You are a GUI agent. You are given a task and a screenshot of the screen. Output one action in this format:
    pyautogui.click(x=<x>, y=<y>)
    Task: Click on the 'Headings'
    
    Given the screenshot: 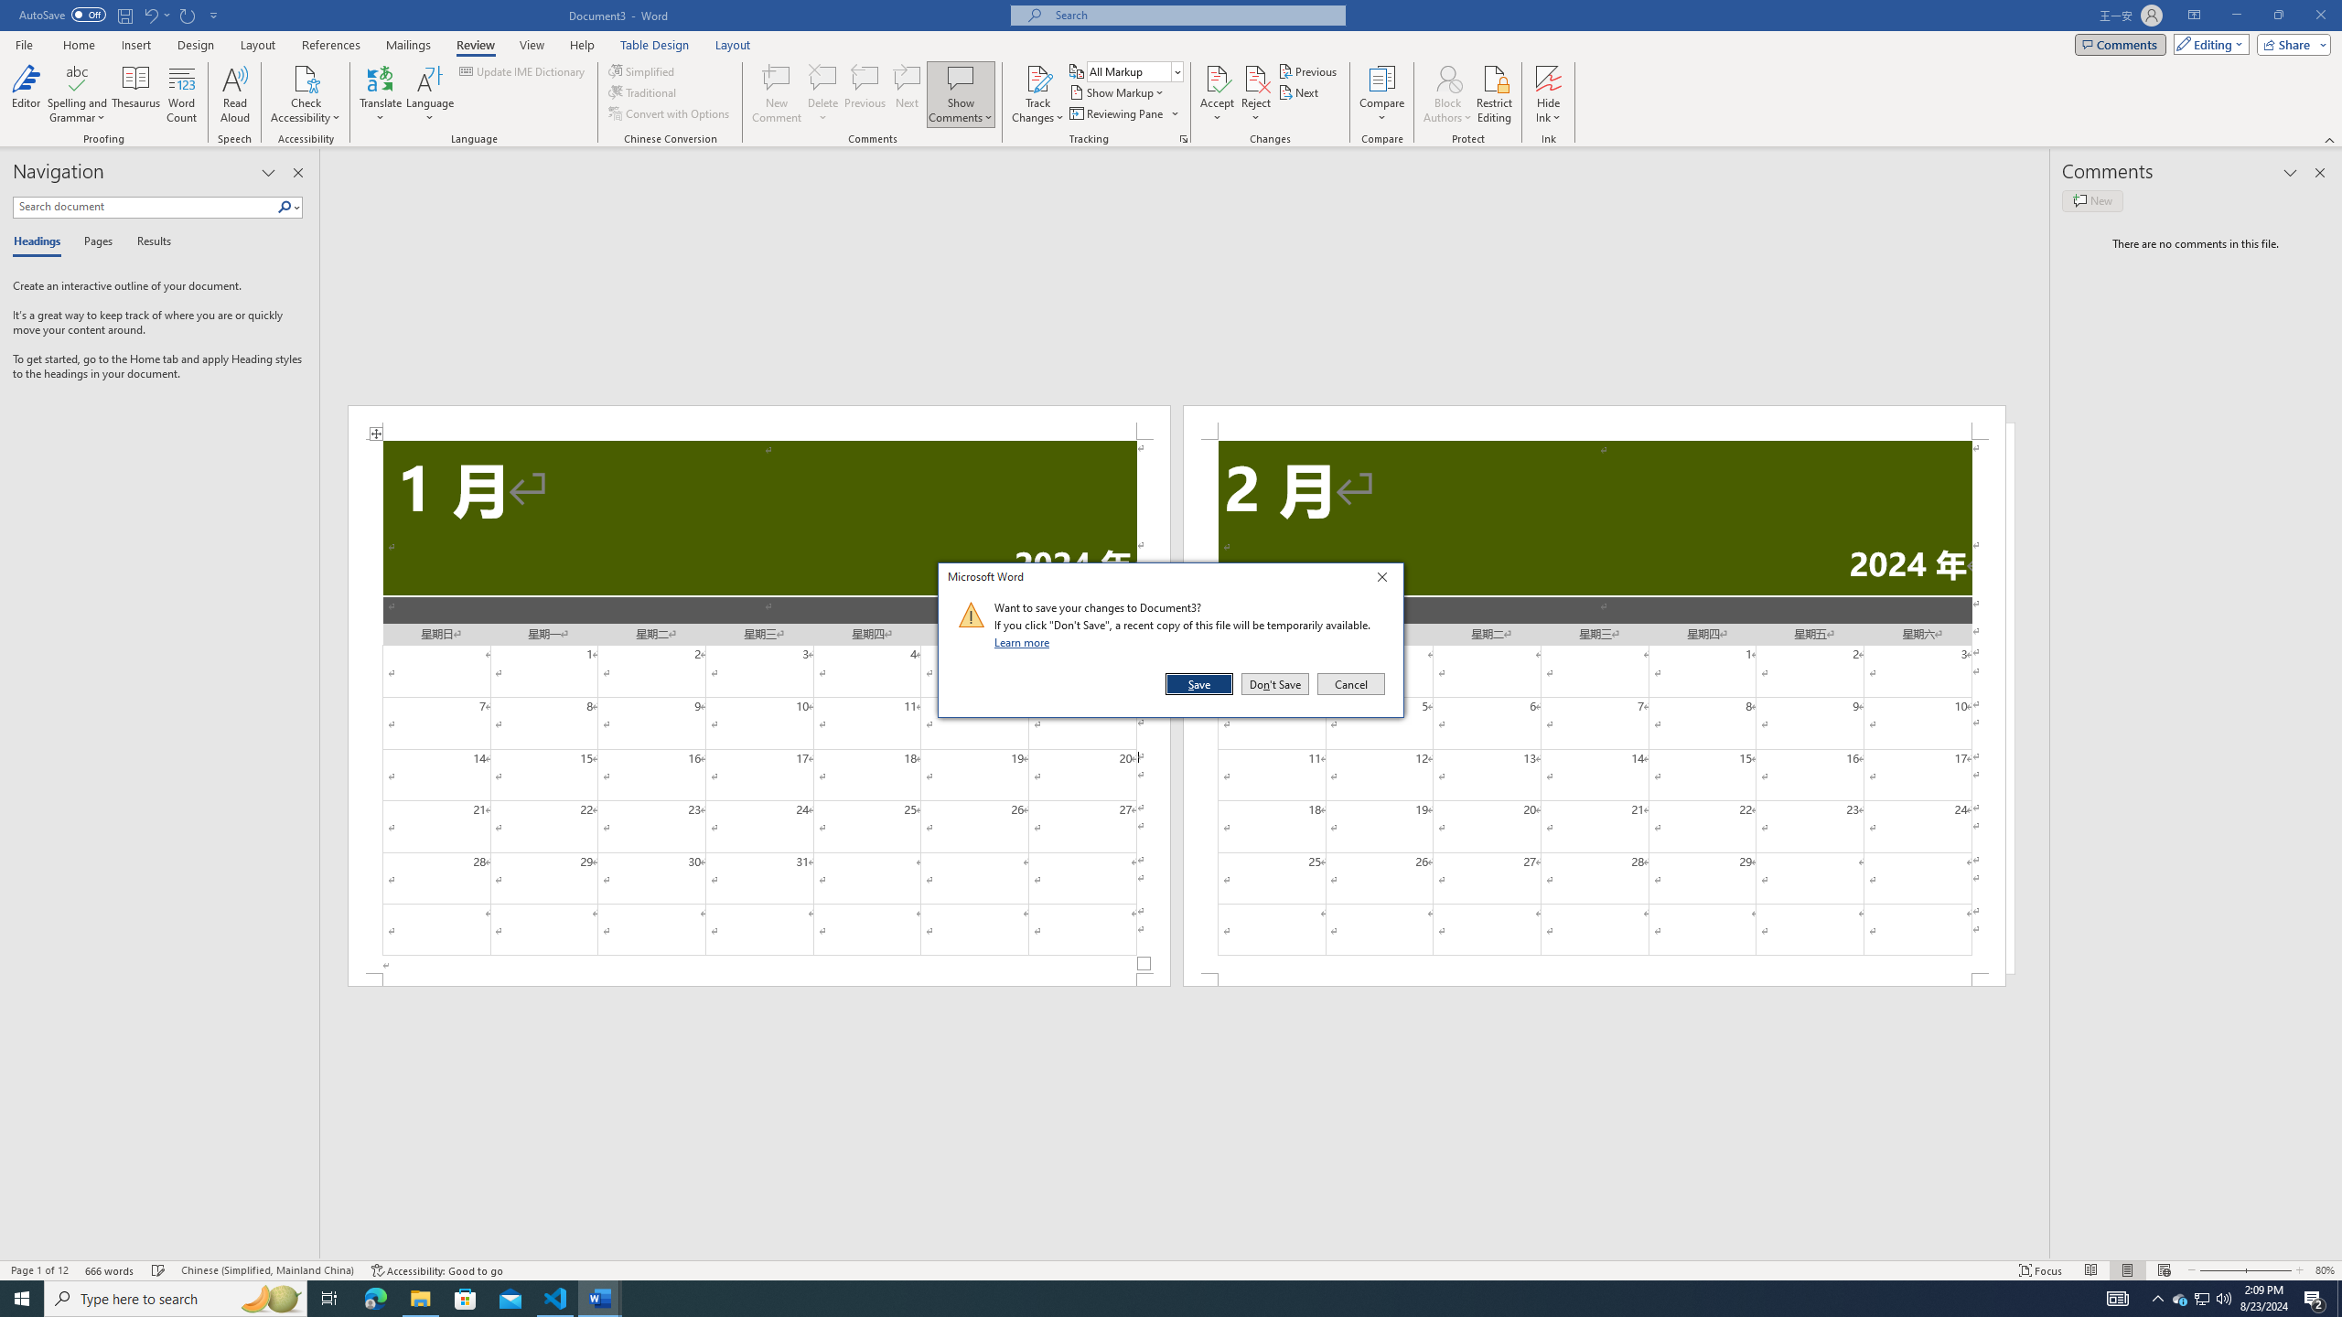 What is the action you would take?
    pyautogui.click(x=40, y=241)
    